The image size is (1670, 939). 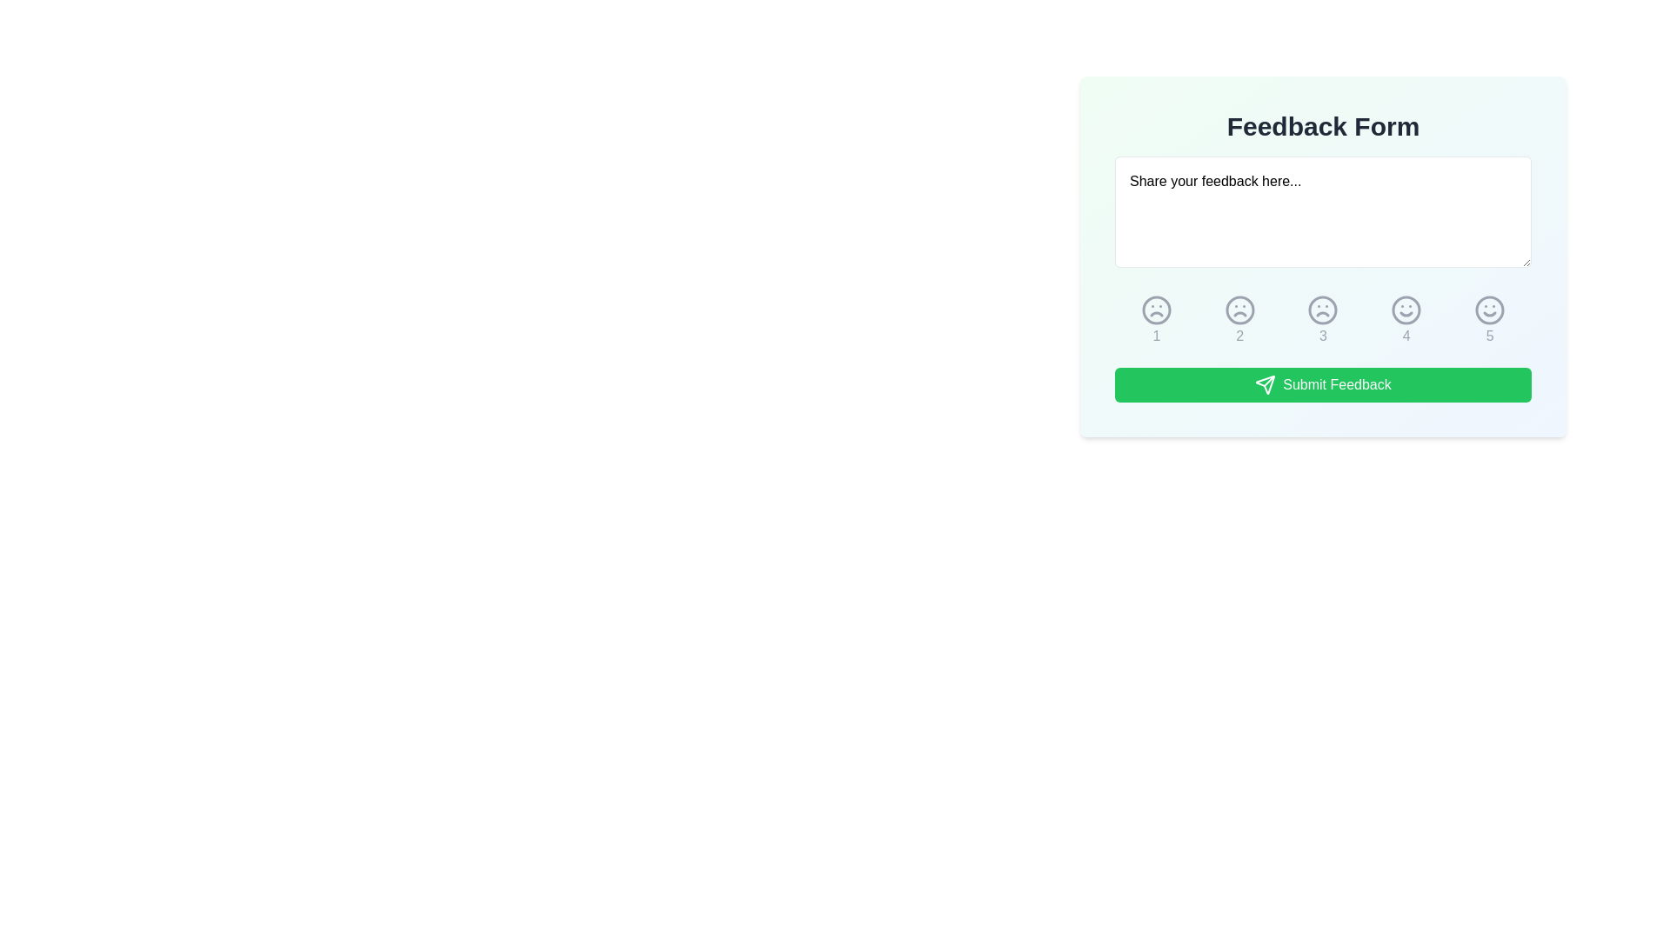 I want to click on Text label displaying '5', which is located in the bottom-right corner of the 'Feedback Form' section, below a smiling face icon, so click(x=1489, y=336).